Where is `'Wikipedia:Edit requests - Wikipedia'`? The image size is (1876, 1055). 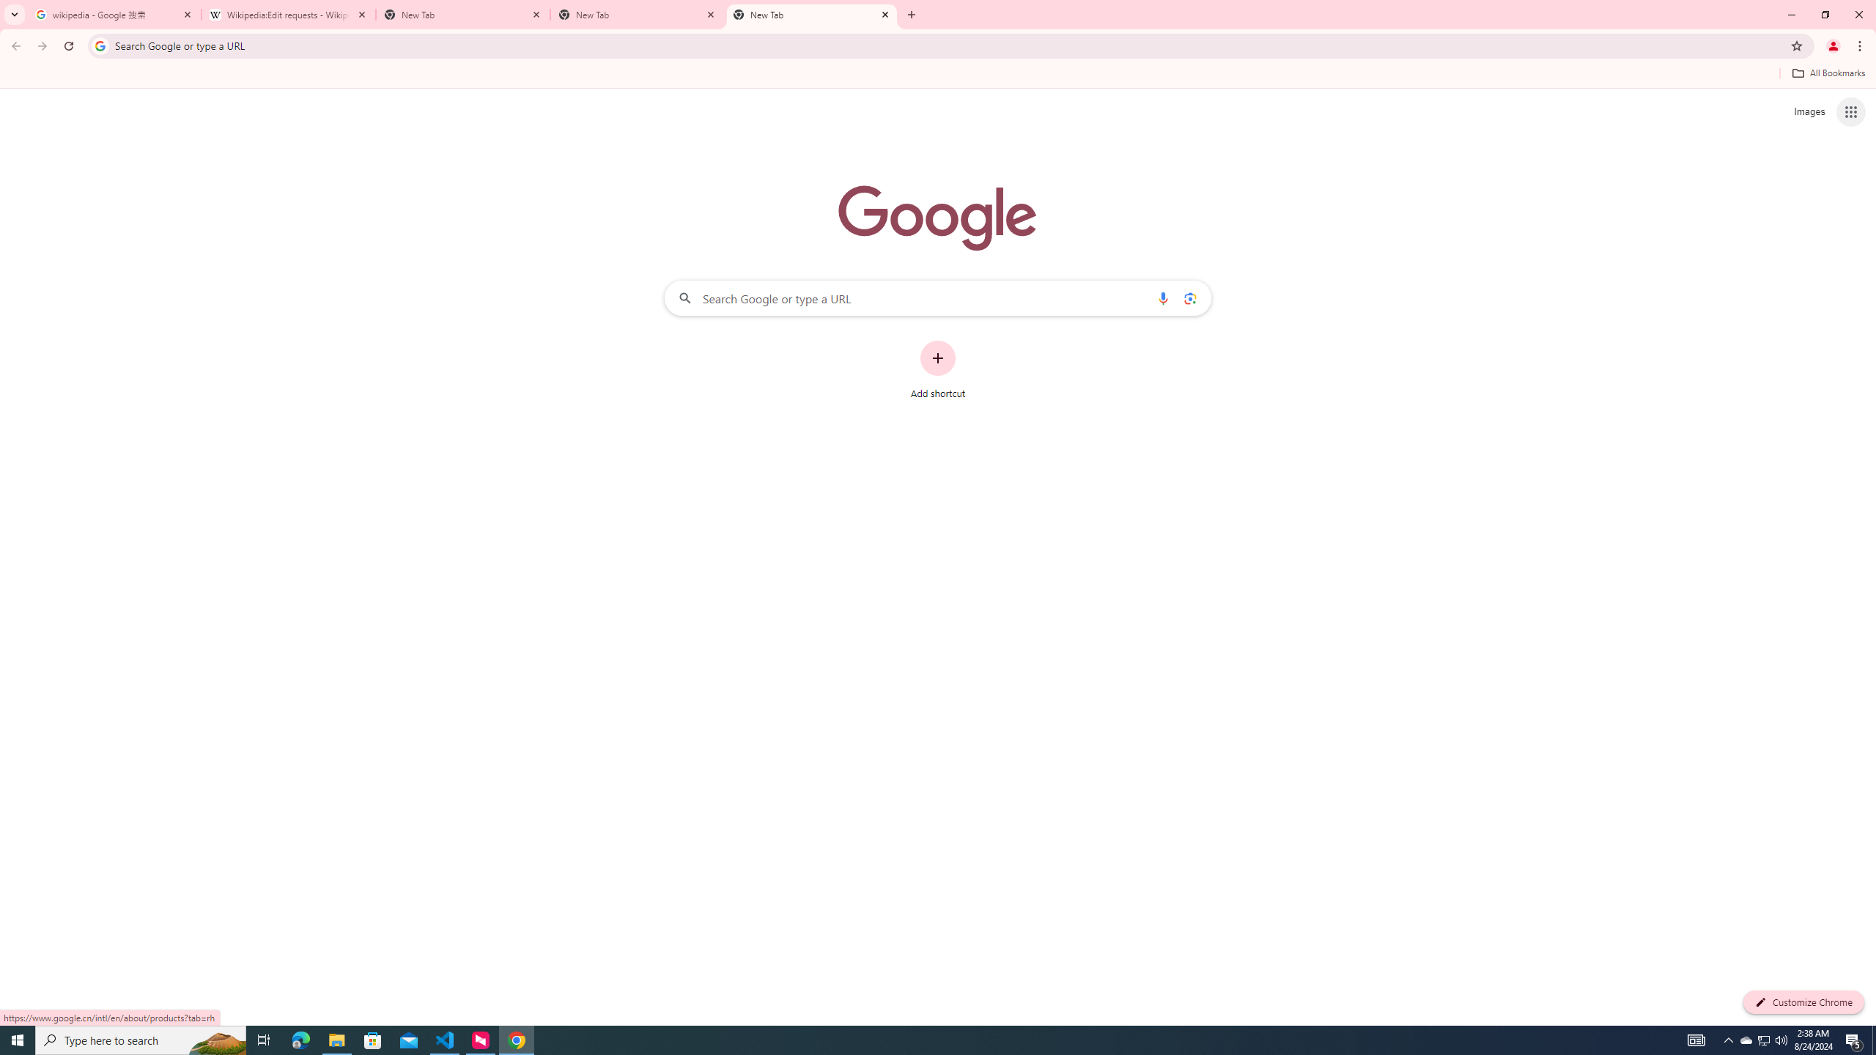 'Wikipedia:Edit requests - Wikipedia' is located at coordinates (289, 14).